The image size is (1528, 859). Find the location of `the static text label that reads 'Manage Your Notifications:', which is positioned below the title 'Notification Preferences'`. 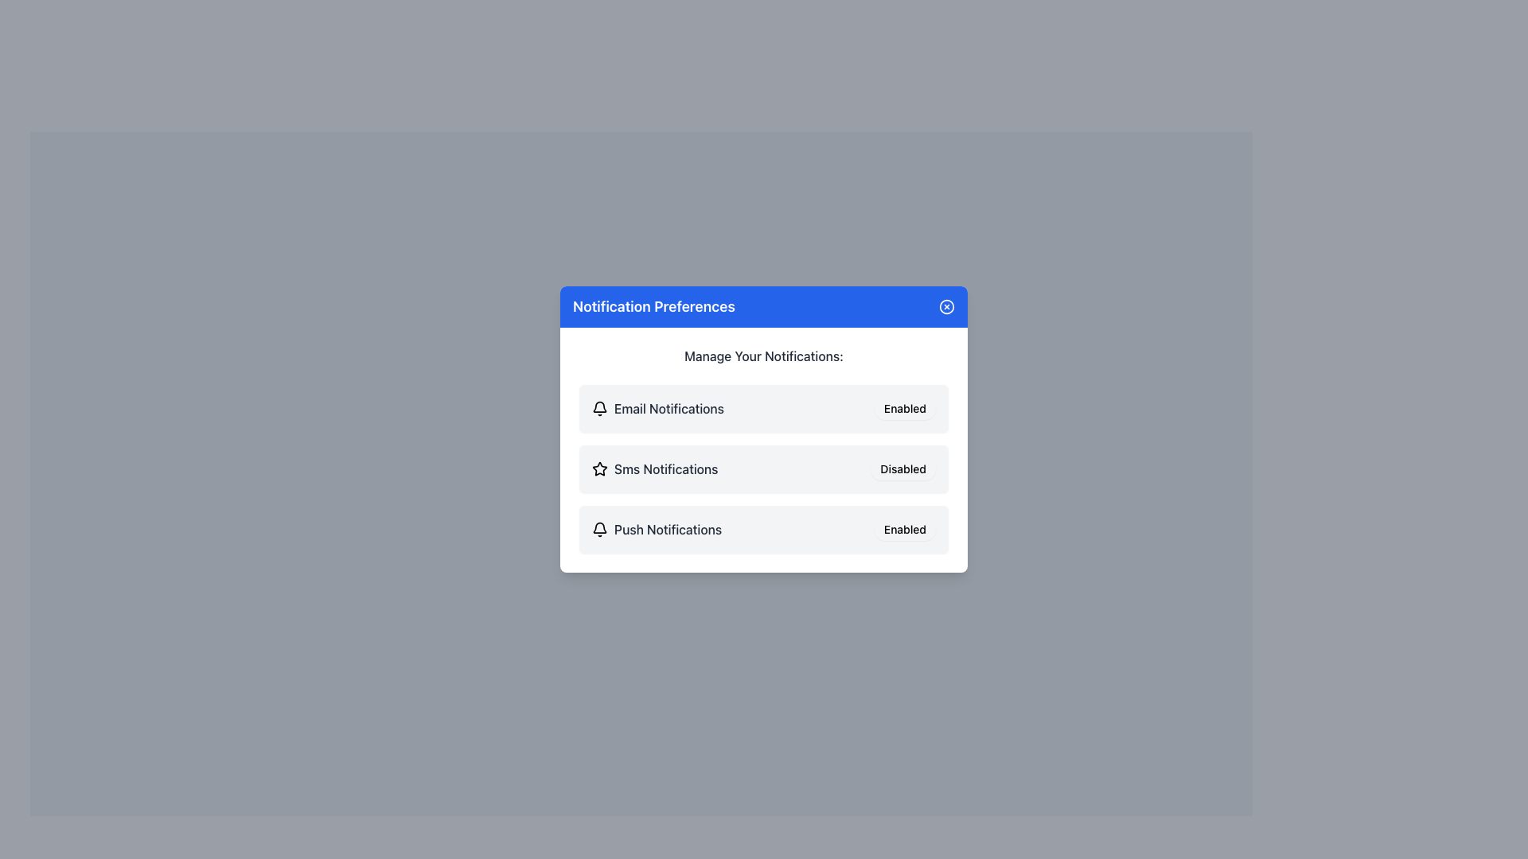

the static text label that reads 'Manage Your Notifications:', which is positioned below the title 'Notification Preferences' is located at coordinates (764, 355).